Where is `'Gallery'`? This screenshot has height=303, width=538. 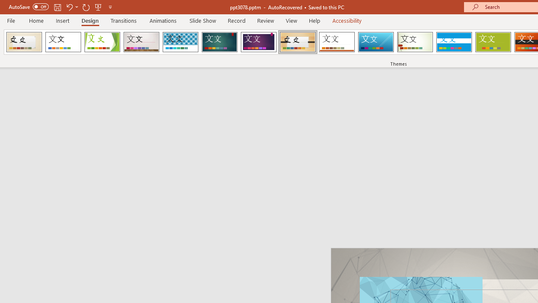
'Gallery' is located at coordinates (141, 42).